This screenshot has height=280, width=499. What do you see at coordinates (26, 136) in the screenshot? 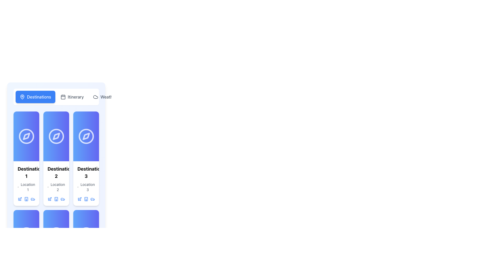
I see `the compass icon located centrally within the first card under the 'Destinations' tab in the top-left corner of the grid` at bounding box center [26, 136].